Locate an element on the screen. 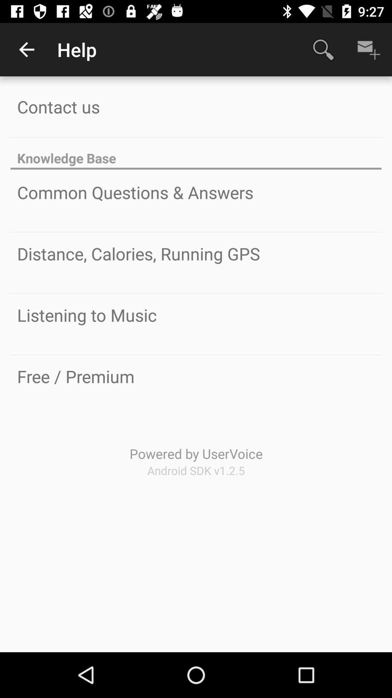 Image resolution: width=392 pixels, height=698 pixels. common questions & answers icon is located at coordinates (135, 192).